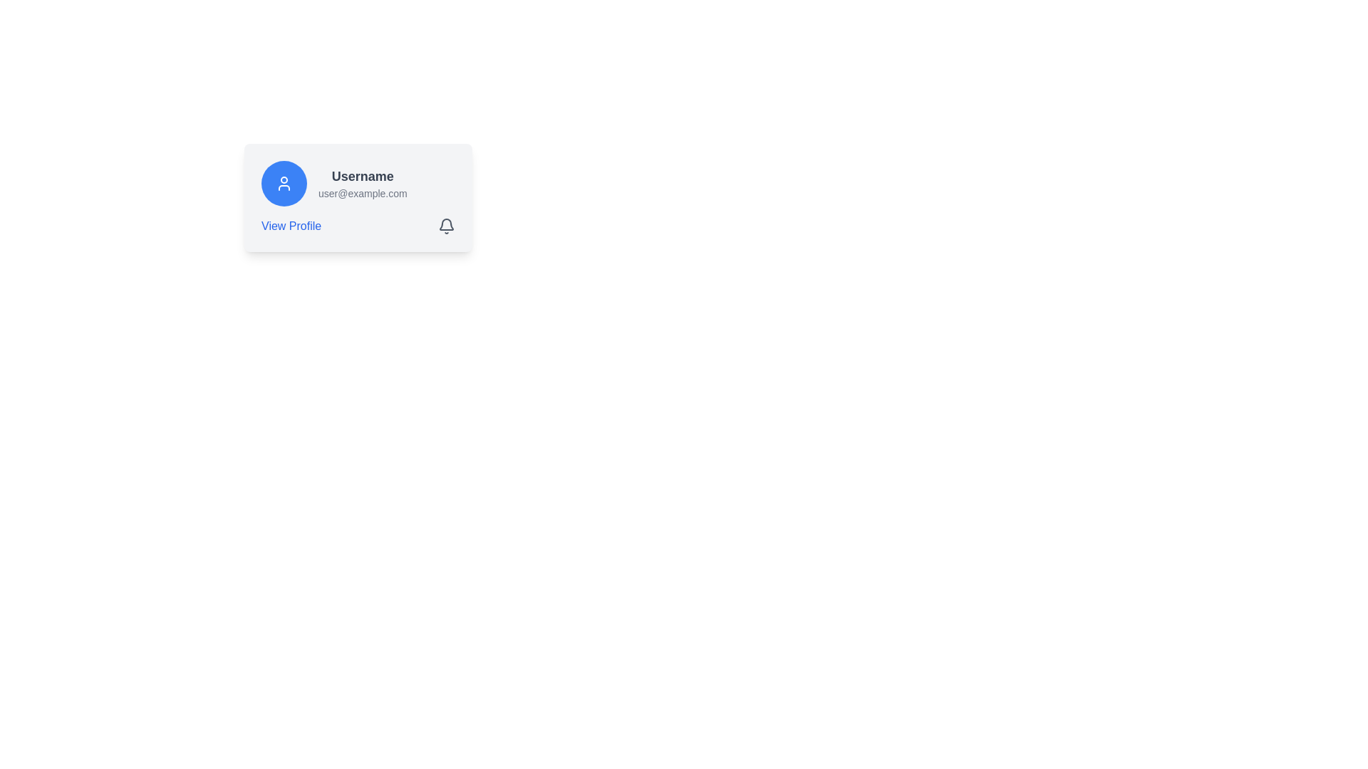 This screenshot has width=1368, height=769. I want to click on user's name and email address displayed in the text block located to the right of the circular blue icon with a user symbol in the upper-right section of the user card component, so click(363, 183).